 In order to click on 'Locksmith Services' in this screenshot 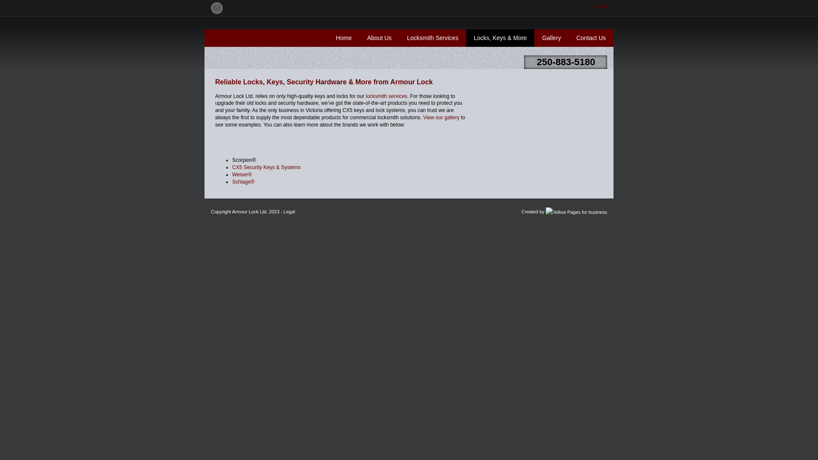, I will do `click(398, 37)`.